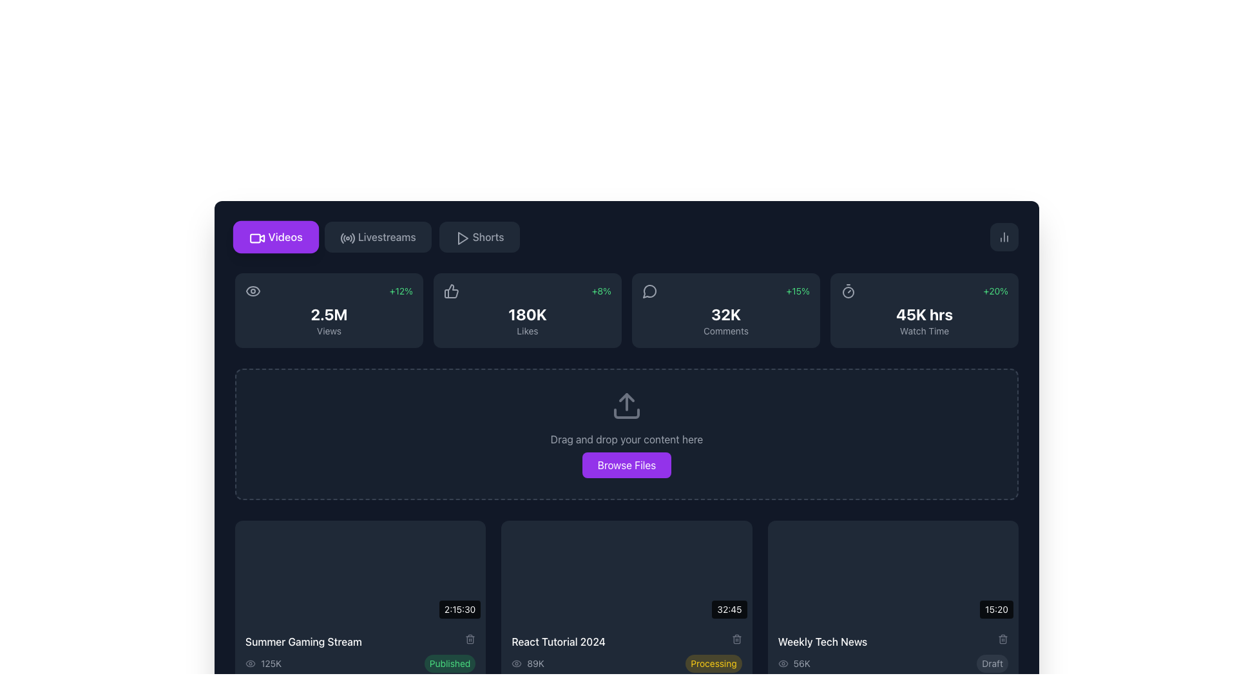 Image resolution: width=1237 pixels, height=696 pixels. What do you see at coordinates (460, 609) in the screenshot?
I see `the text label indicating the duration of the associated content, located at the bottom-right corner of the card in the grid layout` at bounding box center [460, 609].